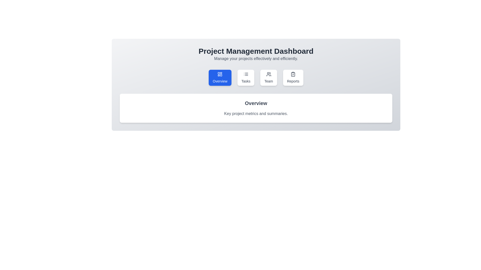 Image resolution: width=481 pixels, height=270 pixels. I want to click on the tab labeled Team to observe its hover effect, so click(268, 78).